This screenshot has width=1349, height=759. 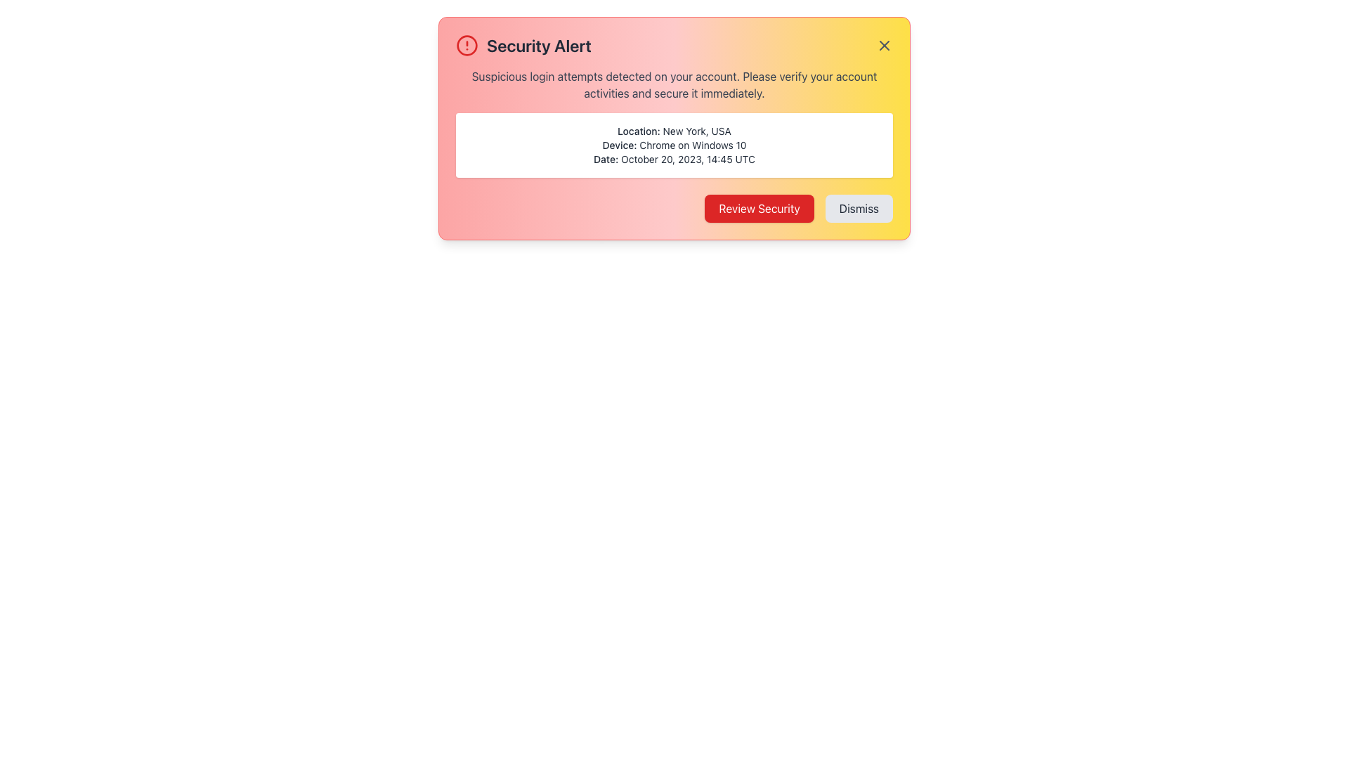 I want to click on the close icon located at the top-right corner of the notification box with 'Security Alert' title to indicate interactivity, so click(x=883, y=45).